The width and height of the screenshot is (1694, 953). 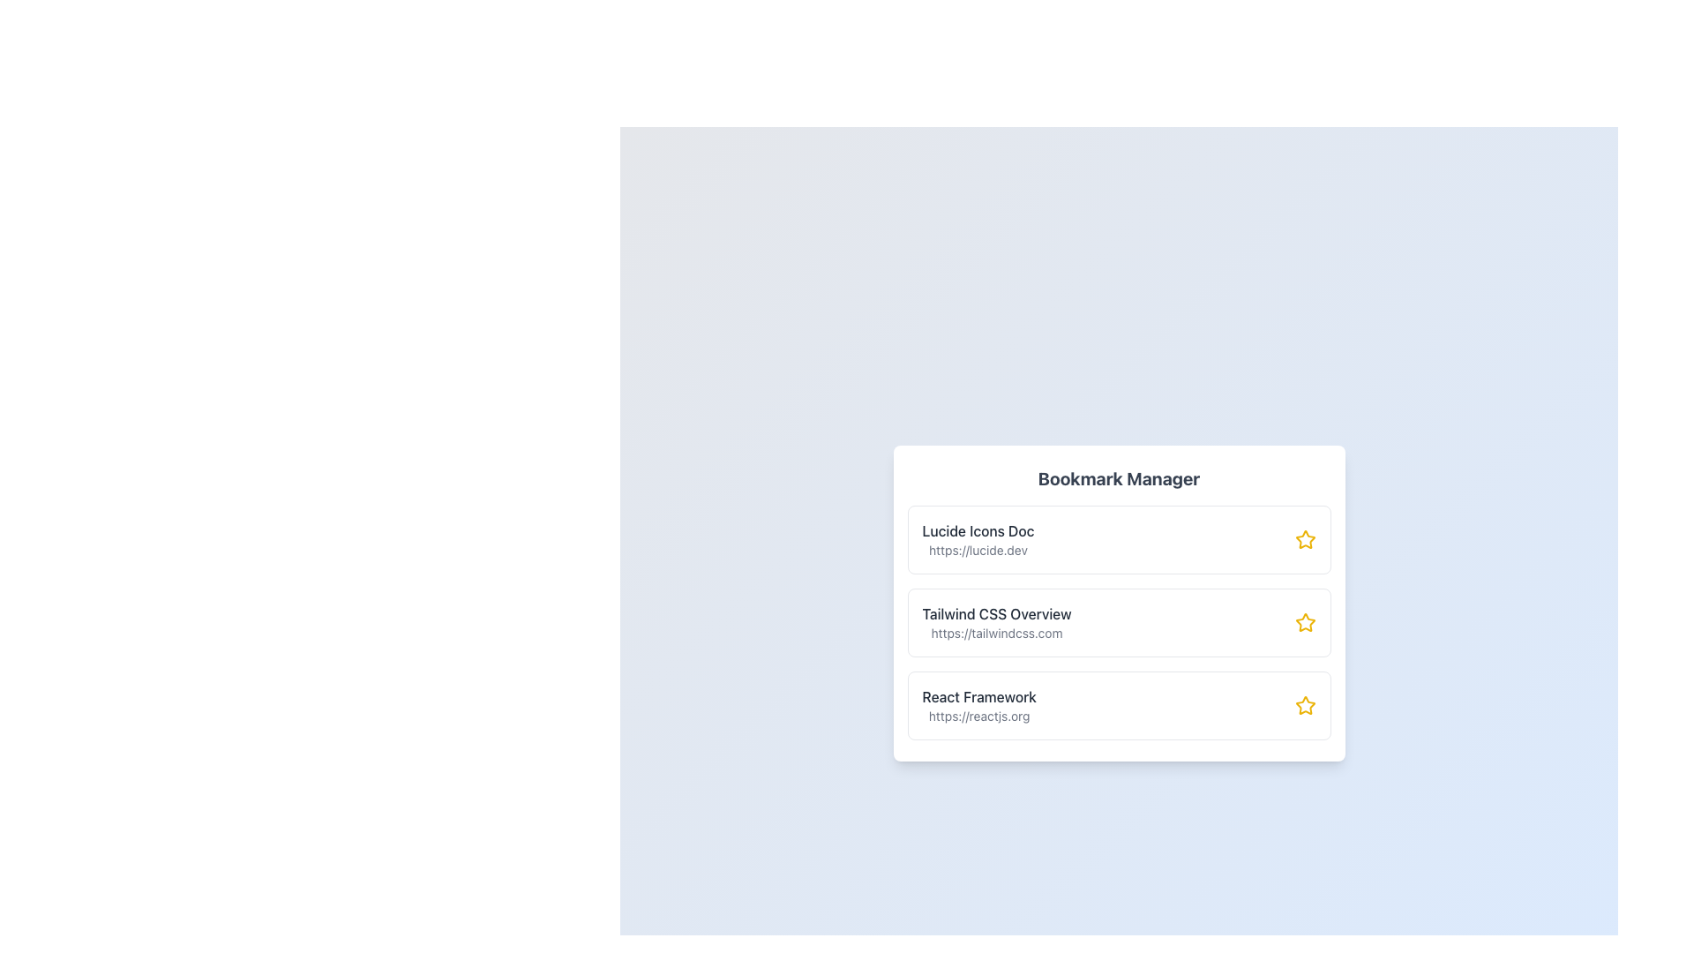 I want to click on the star icon in the 'Bookmark Manager' list, so click(x=1305, y=539).